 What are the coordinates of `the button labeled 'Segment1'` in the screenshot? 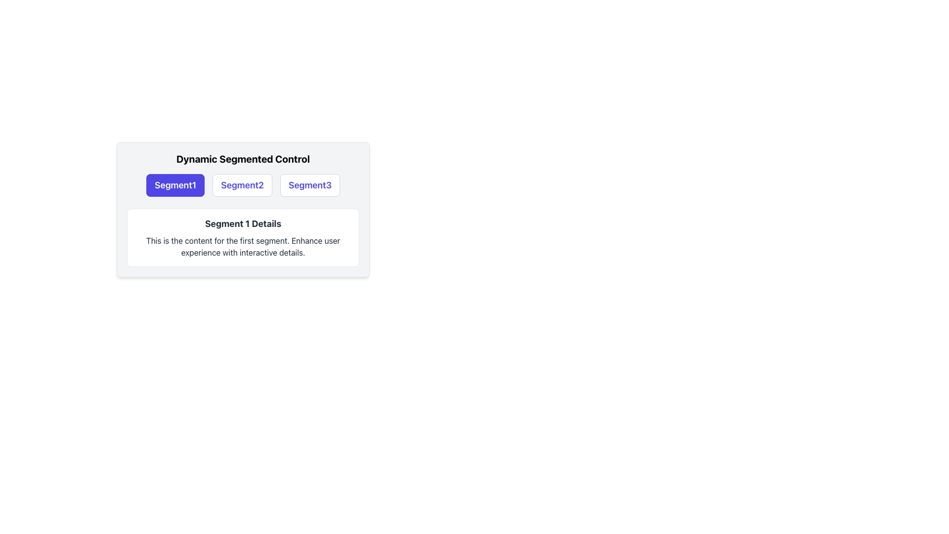 It's located at (175, 185).